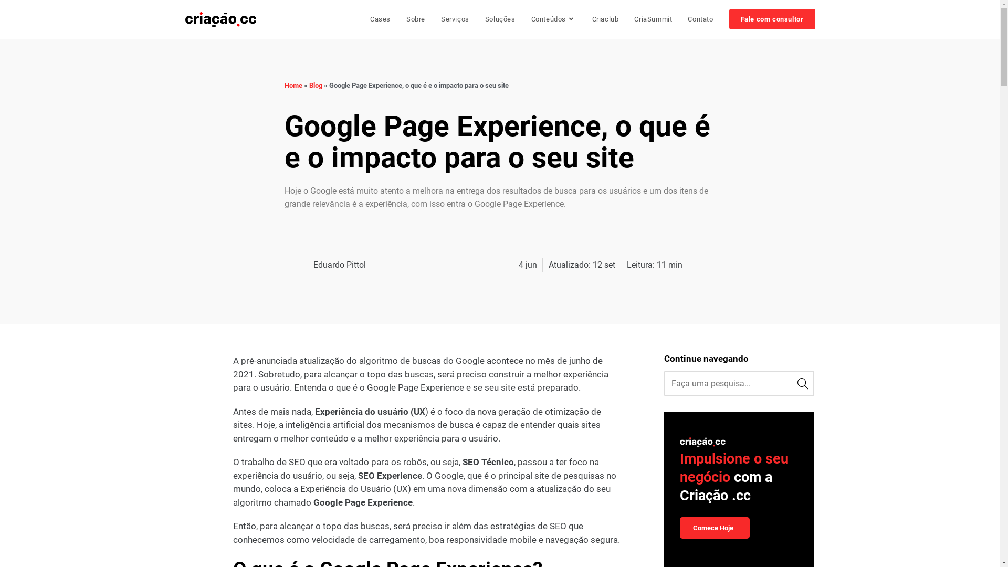  I want to click on 'Fale com consultor', so click(772, 19).